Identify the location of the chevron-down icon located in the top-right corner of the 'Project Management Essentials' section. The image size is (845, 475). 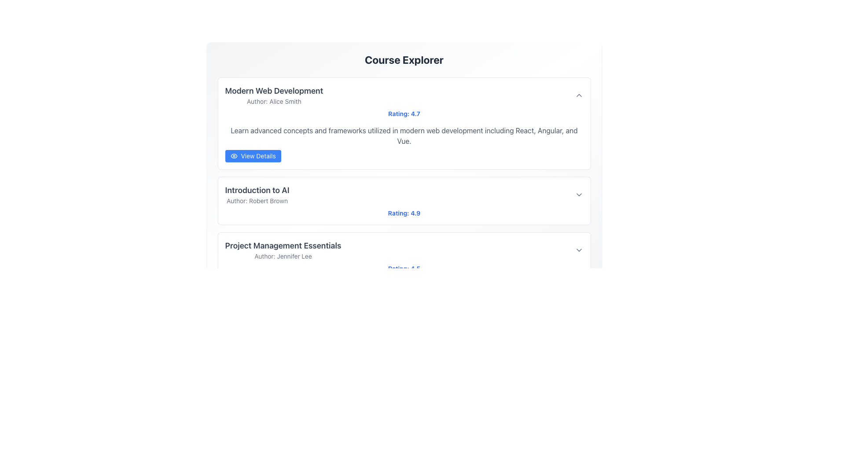
(579, 250).